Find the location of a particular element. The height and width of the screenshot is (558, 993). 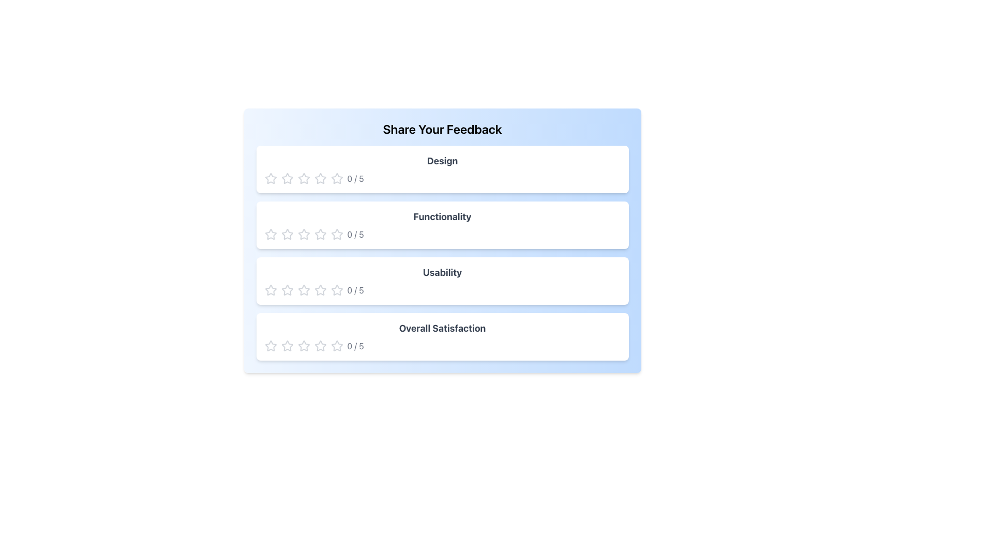

the fourth interactive star icon in the five-star rating system is located at coordinates (337, 235).